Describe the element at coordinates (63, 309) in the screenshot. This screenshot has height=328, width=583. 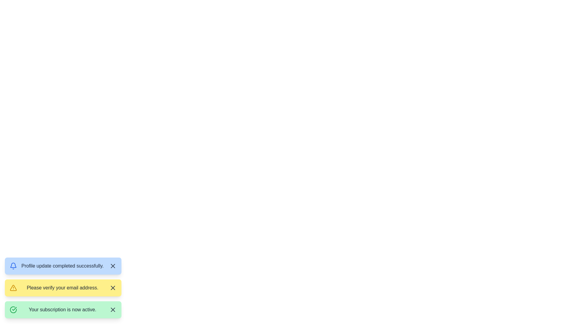
I see `the text label stating 'Your subscription is now active.' which is displayed in a medium-sized, dark-gray font on a light green background at the center of the notification box` at that location.